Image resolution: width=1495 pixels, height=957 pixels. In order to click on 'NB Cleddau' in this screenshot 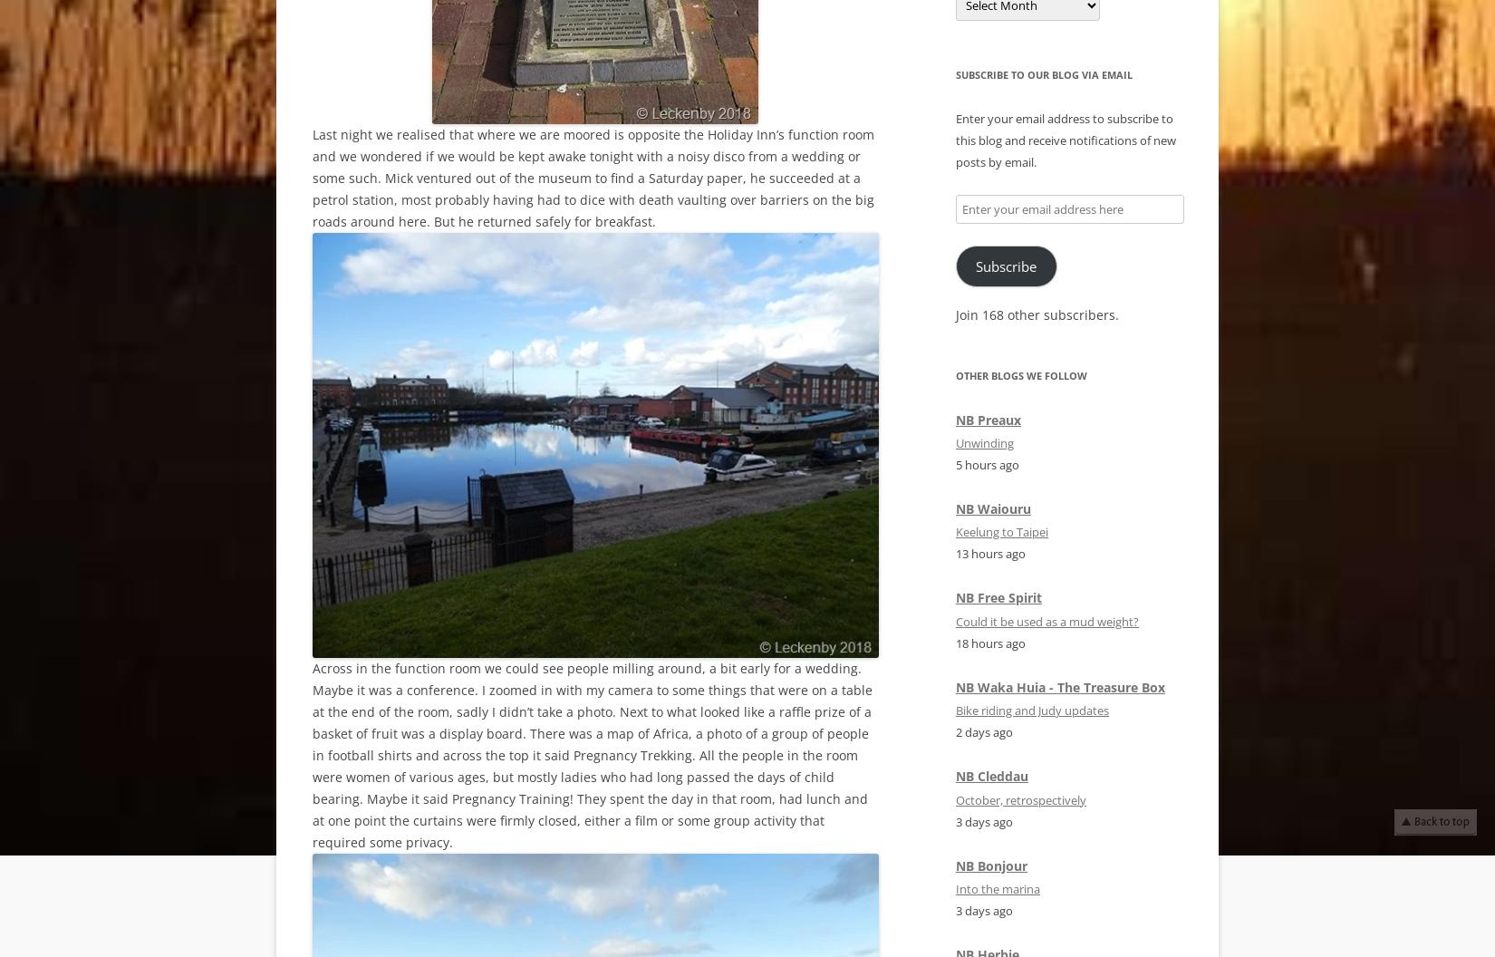, I will do `click(991, 776)`.